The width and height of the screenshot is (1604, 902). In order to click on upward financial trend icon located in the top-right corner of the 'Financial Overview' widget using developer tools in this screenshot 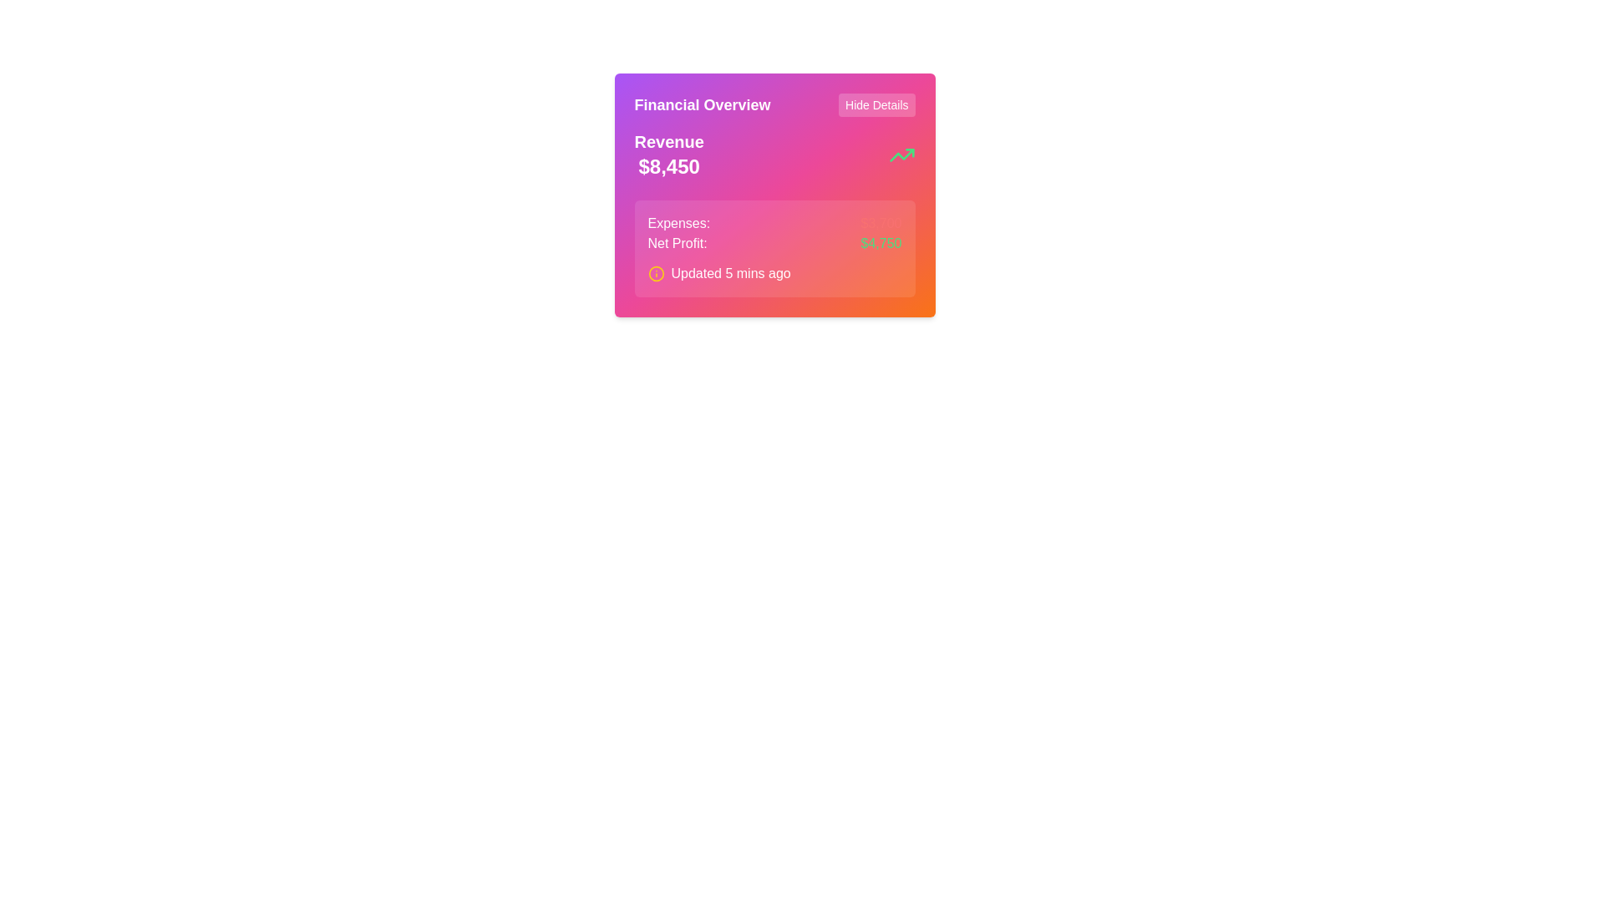, I will do `click(901, 155)`.